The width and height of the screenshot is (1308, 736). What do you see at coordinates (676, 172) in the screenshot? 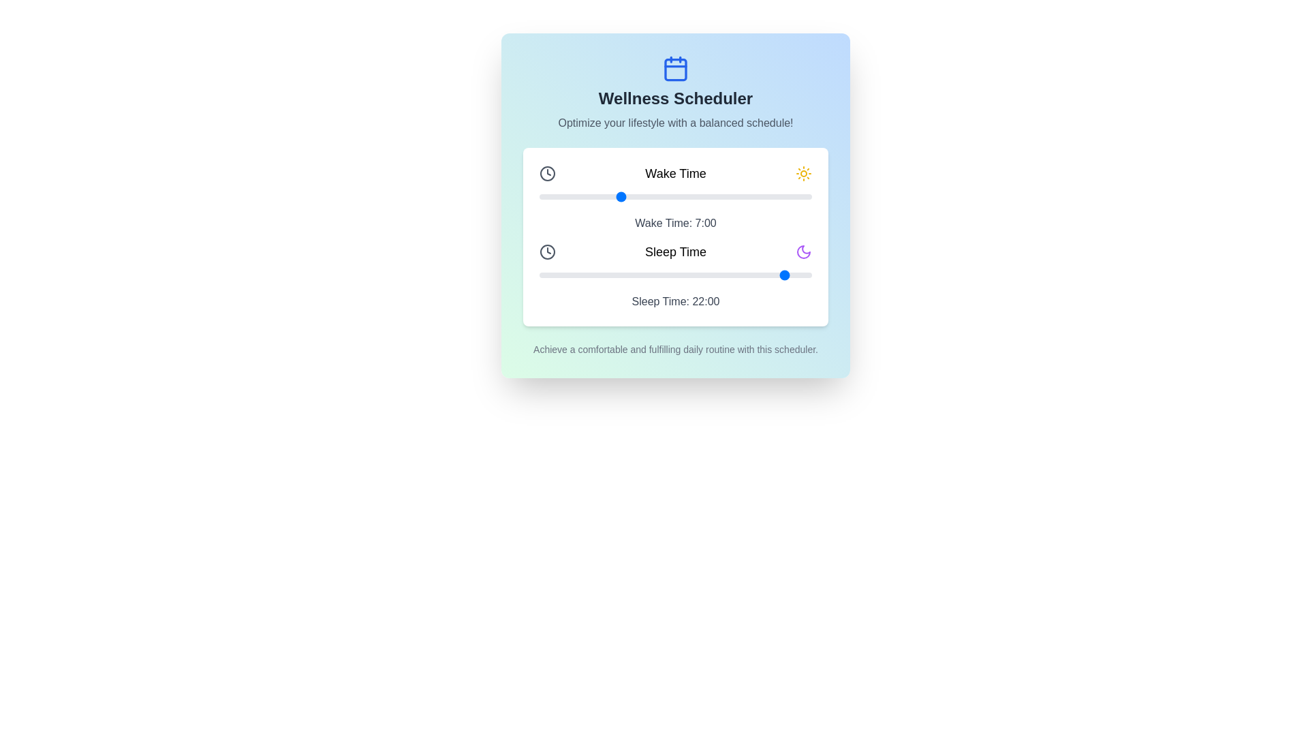
I see `the label with icons that displays the wake time settings, located above the 'Wake Time: 7:00' slider` at bounding box center [676, 172].